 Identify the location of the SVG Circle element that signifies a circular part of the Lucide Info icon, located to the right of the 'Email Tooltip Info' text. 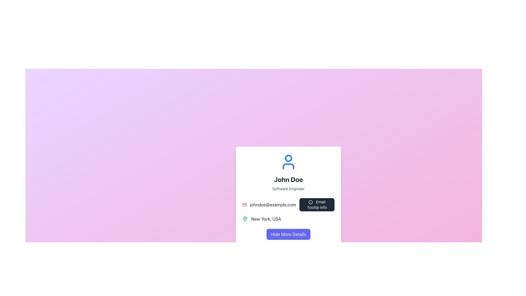
(310, 202).